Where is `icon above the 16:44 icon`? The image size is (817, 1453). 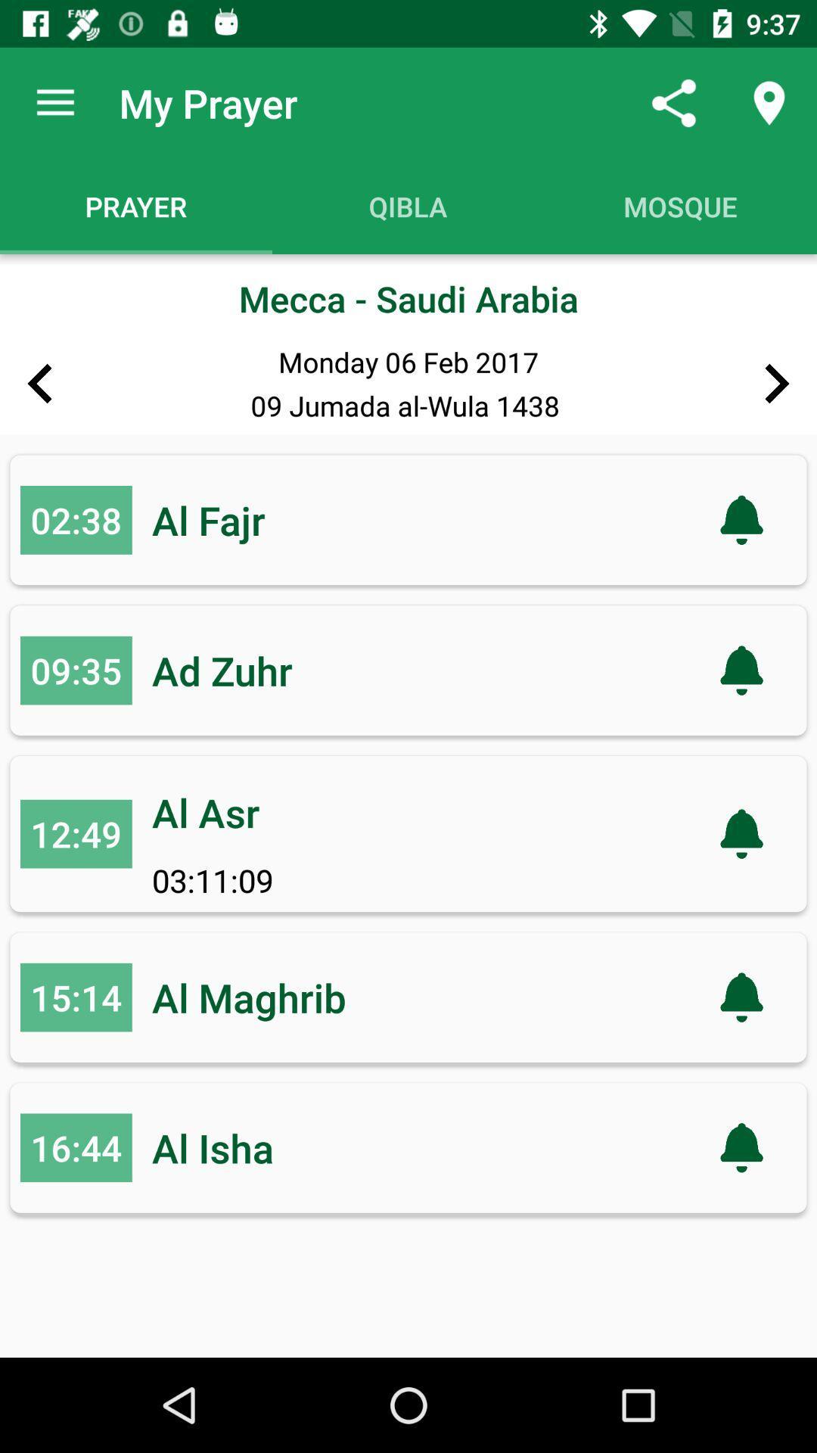 icon above the 16:44 icon is located at coordinates (76, 997).